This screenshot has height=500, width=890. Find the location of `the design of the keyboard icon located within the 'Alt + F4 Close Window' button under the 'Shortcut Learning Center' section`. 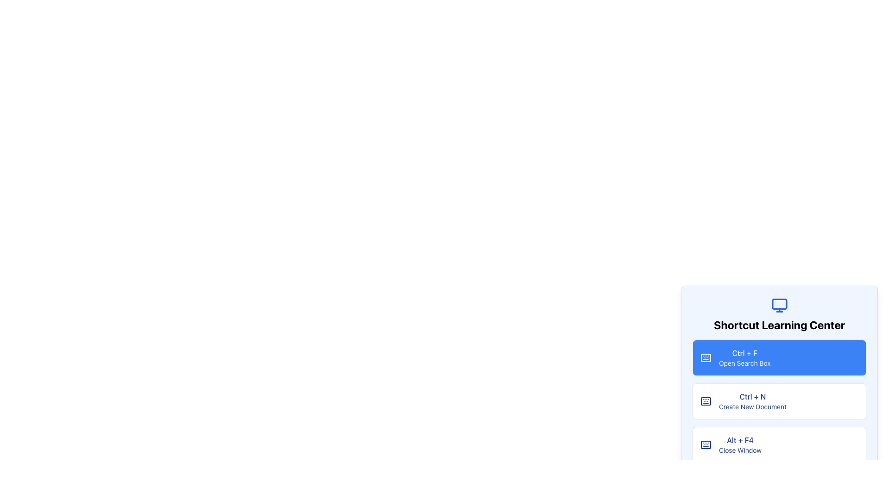

the design of the keyboard icon located within the 'Alt + F4 Close Window' button under the 'Shortcut Learning Center' section is located at coordinates (705, 444).